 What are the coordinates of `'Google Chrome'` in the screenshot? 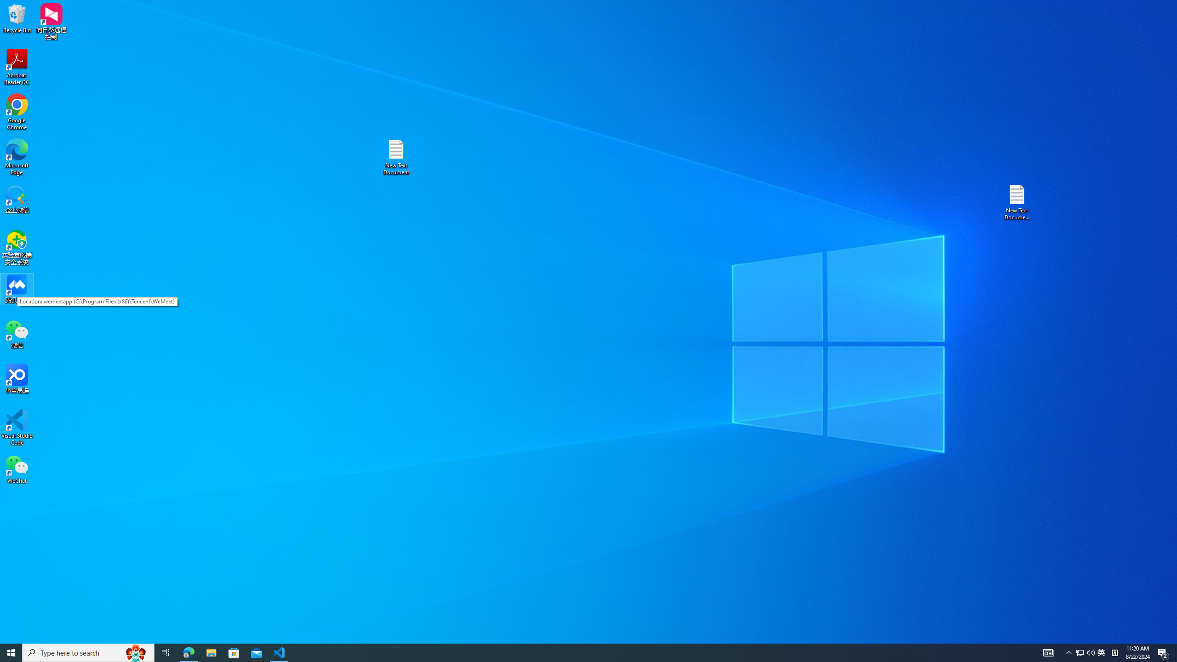 It's located at (17, 112).